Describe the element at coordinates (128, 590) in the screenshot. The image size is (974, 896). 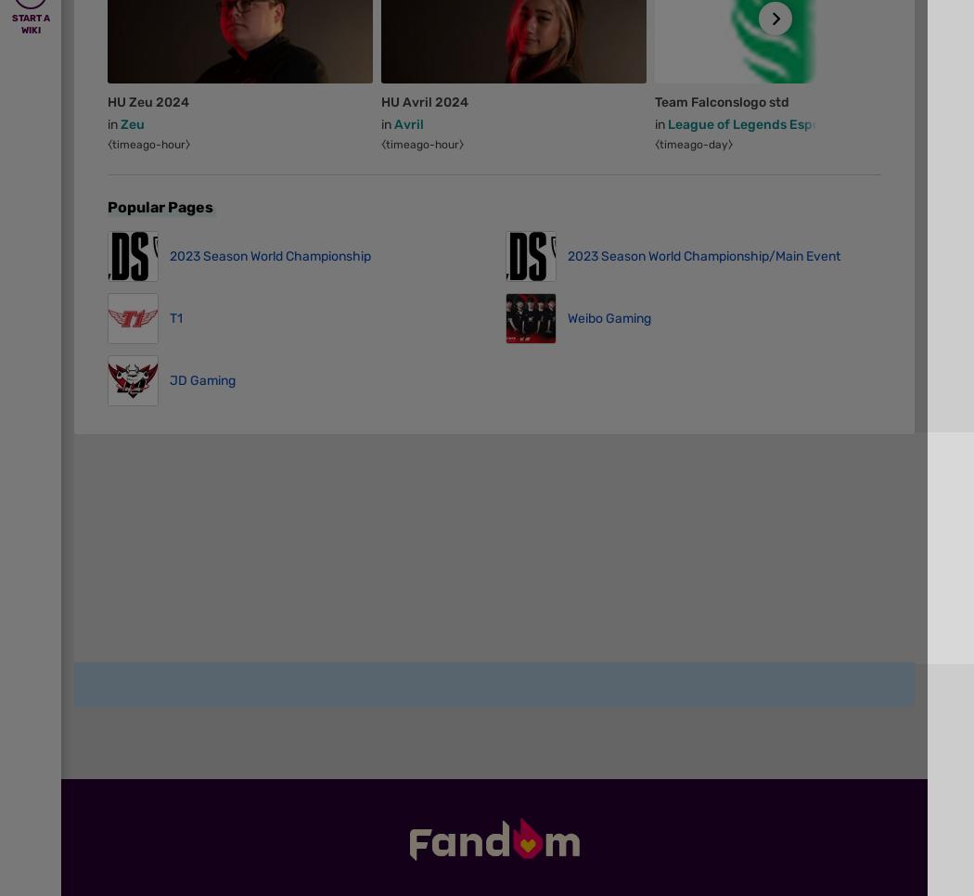
I see `'v6.23'` at that location.